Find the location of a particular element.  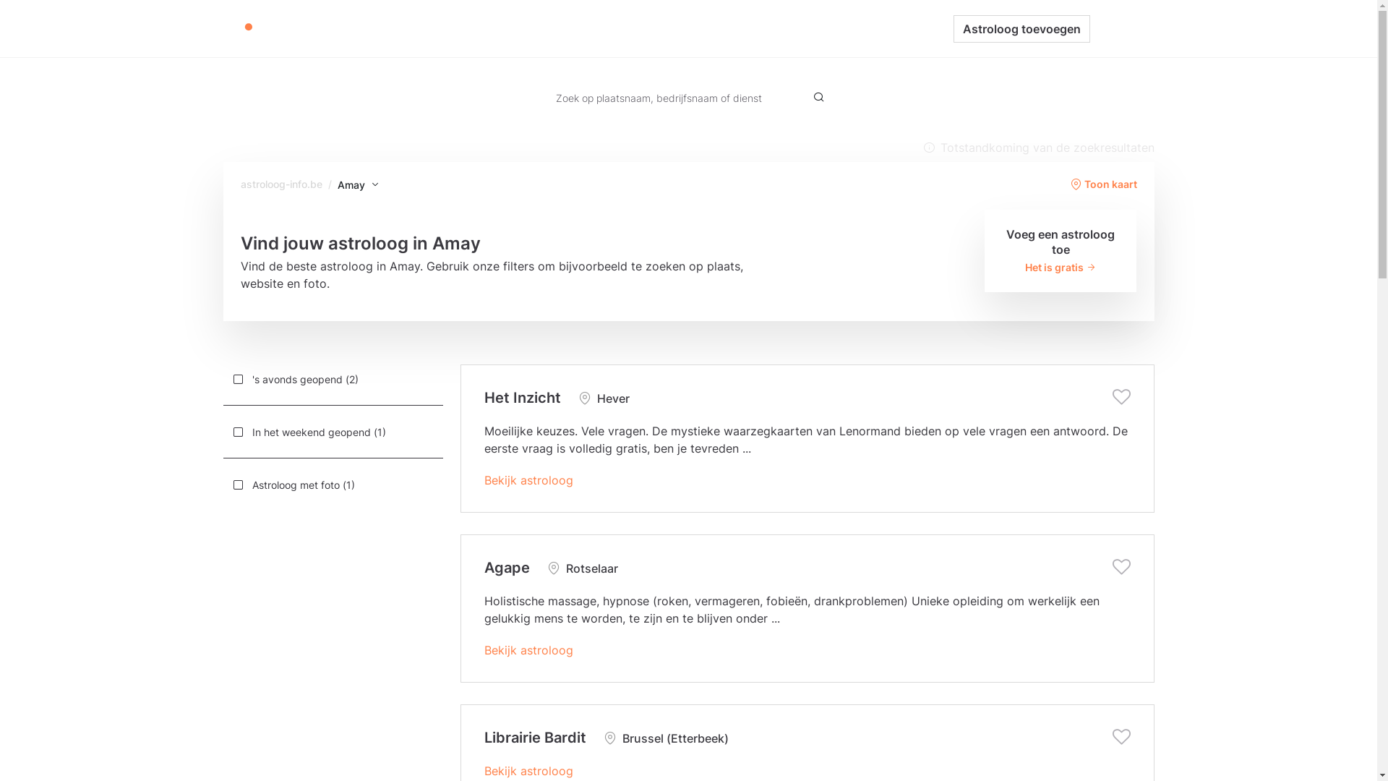

'Bekijk astroloog' is located at coordinates (528, 649).